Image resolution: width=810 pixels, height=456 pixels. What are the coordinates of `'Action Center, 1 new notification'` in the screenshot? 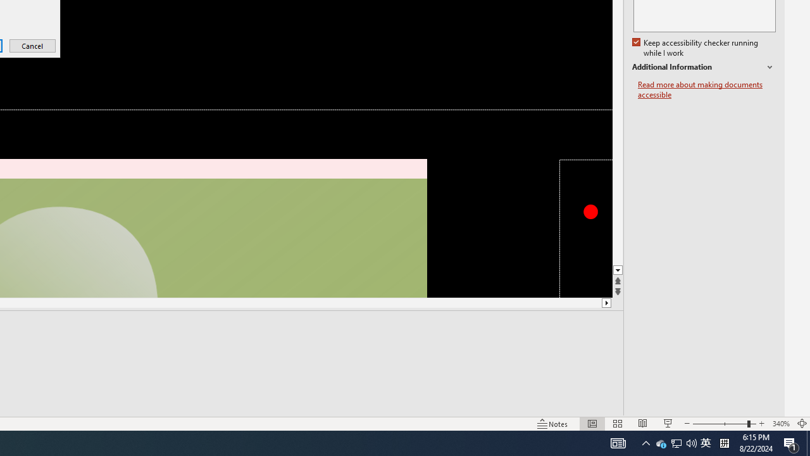 It's located at (791, 442).